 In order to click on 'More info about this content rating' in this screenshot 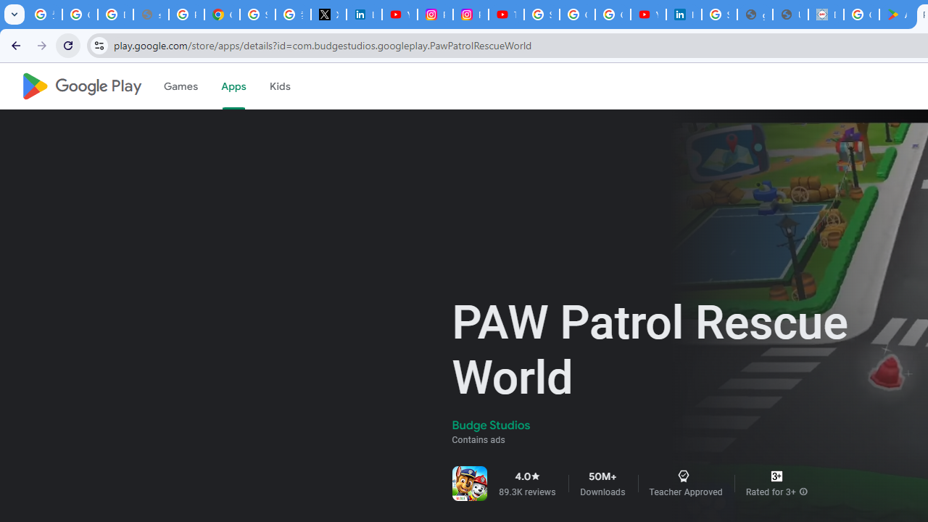, I will do `click(803, 491)`.